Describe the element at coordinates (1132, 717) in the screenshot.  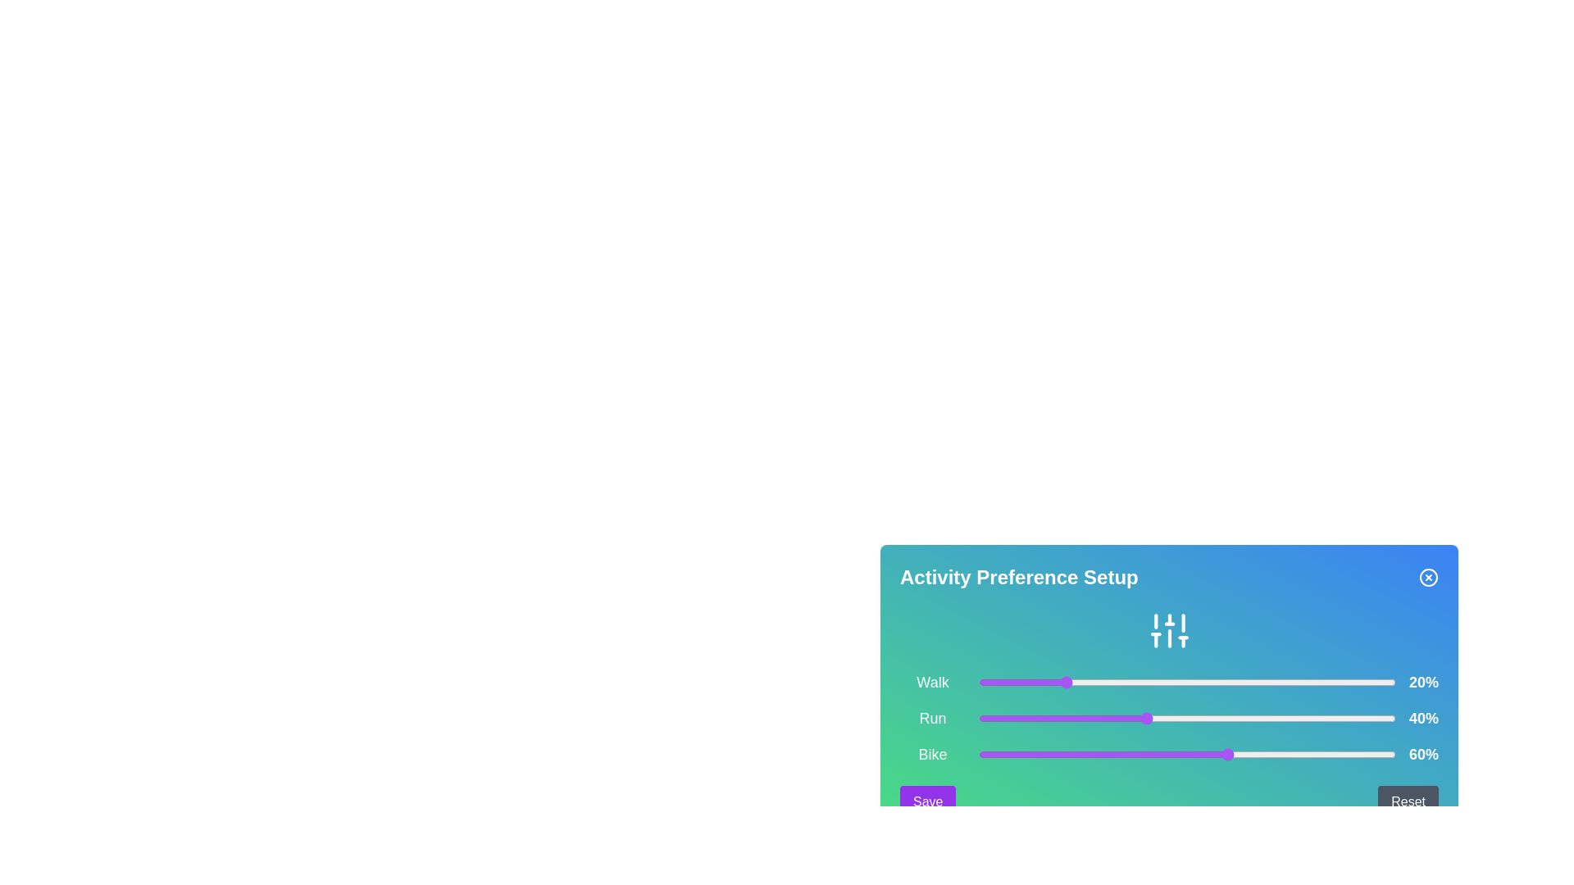
I see `the slider for 1 to 37%` at that location.